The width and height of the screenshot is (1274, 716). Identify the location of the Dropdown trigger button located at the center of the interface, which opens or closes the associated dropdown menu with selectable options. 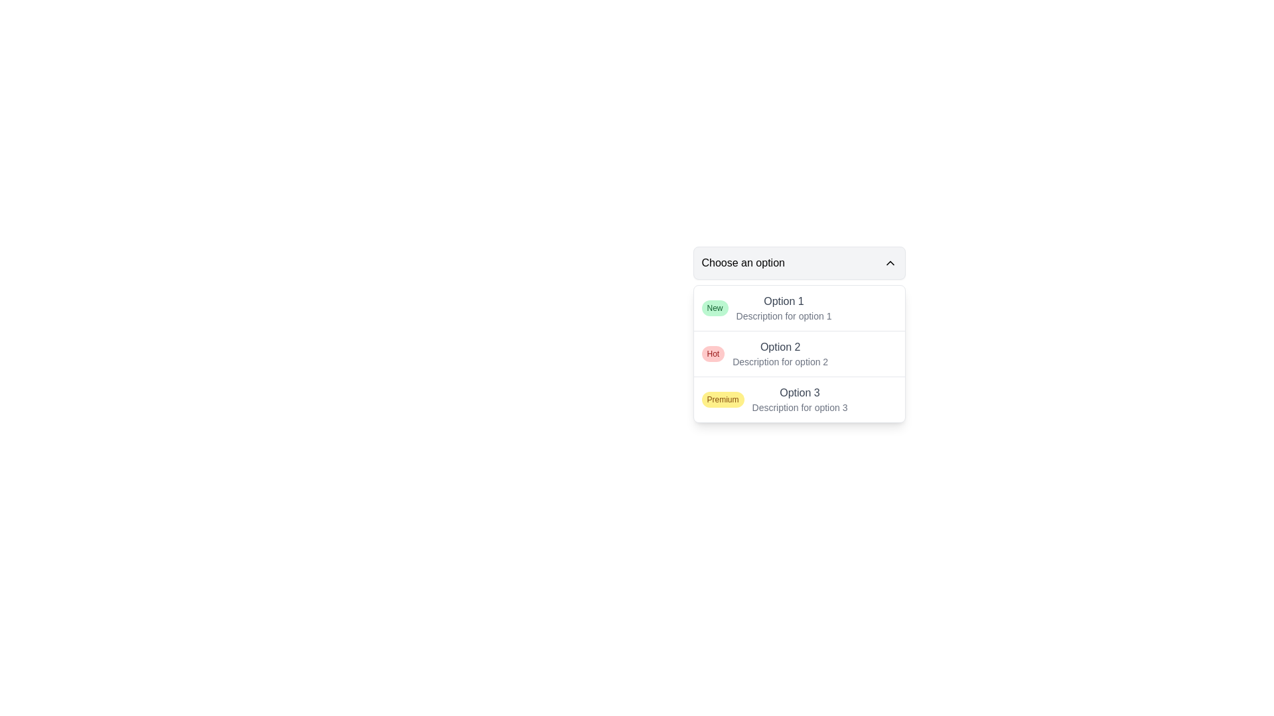
(798, 263).